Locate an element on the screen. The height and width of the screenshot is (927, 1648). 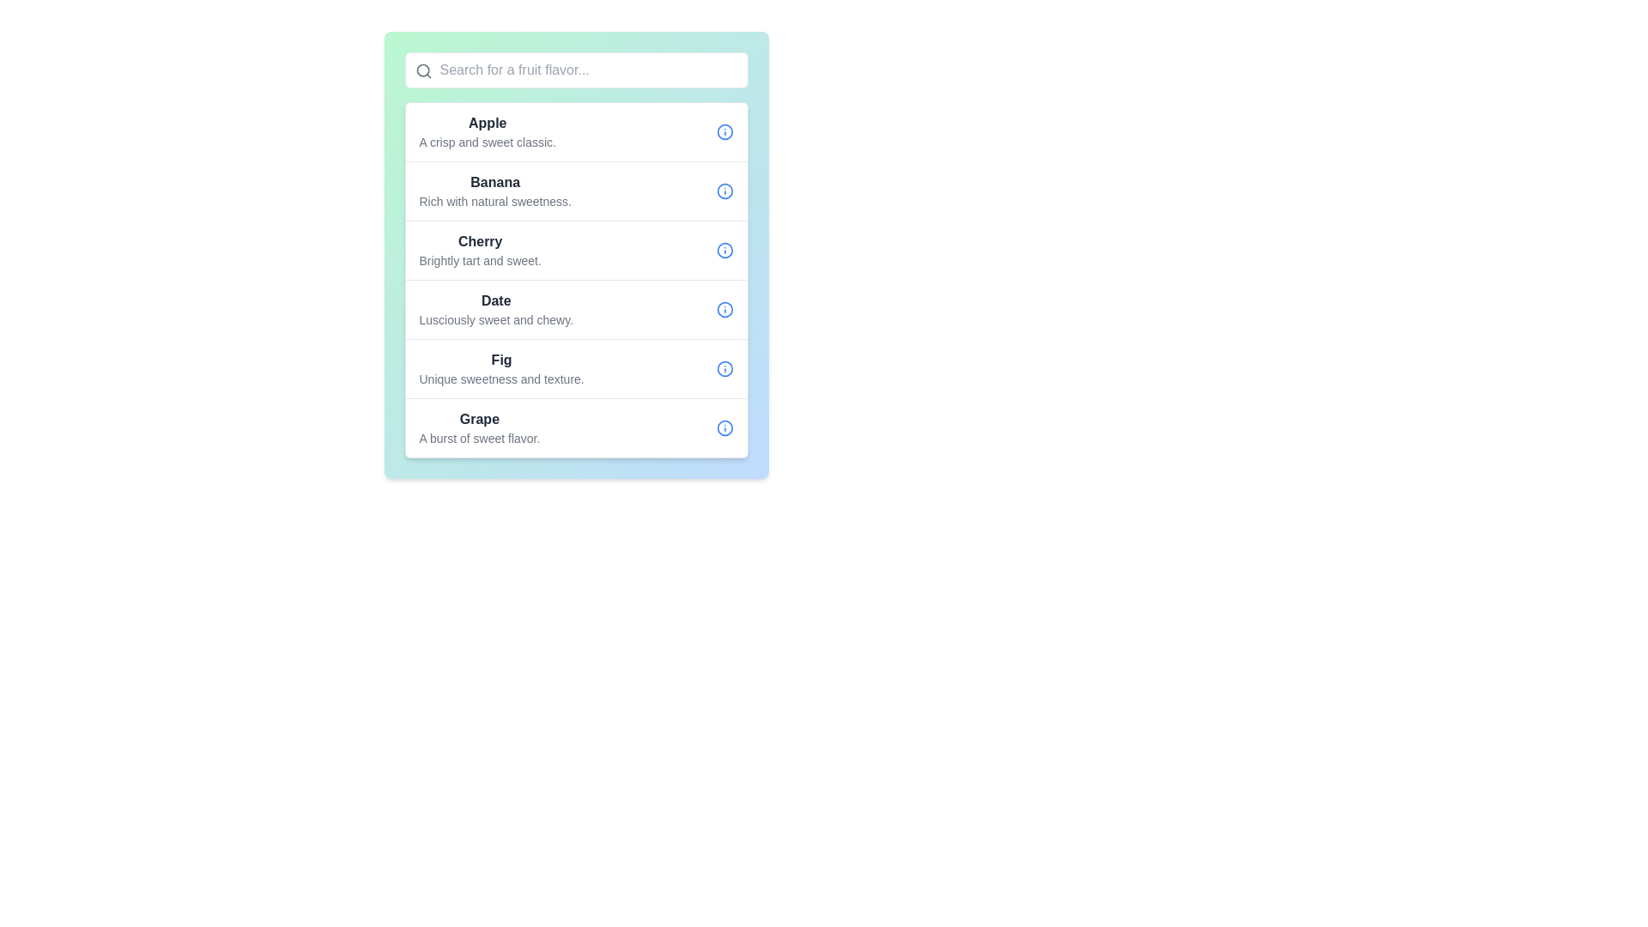
the informational icon located at the far right end of the row containing the text 'Cherry Brightly tart and sweet.' is located at coordinates (724, 251).